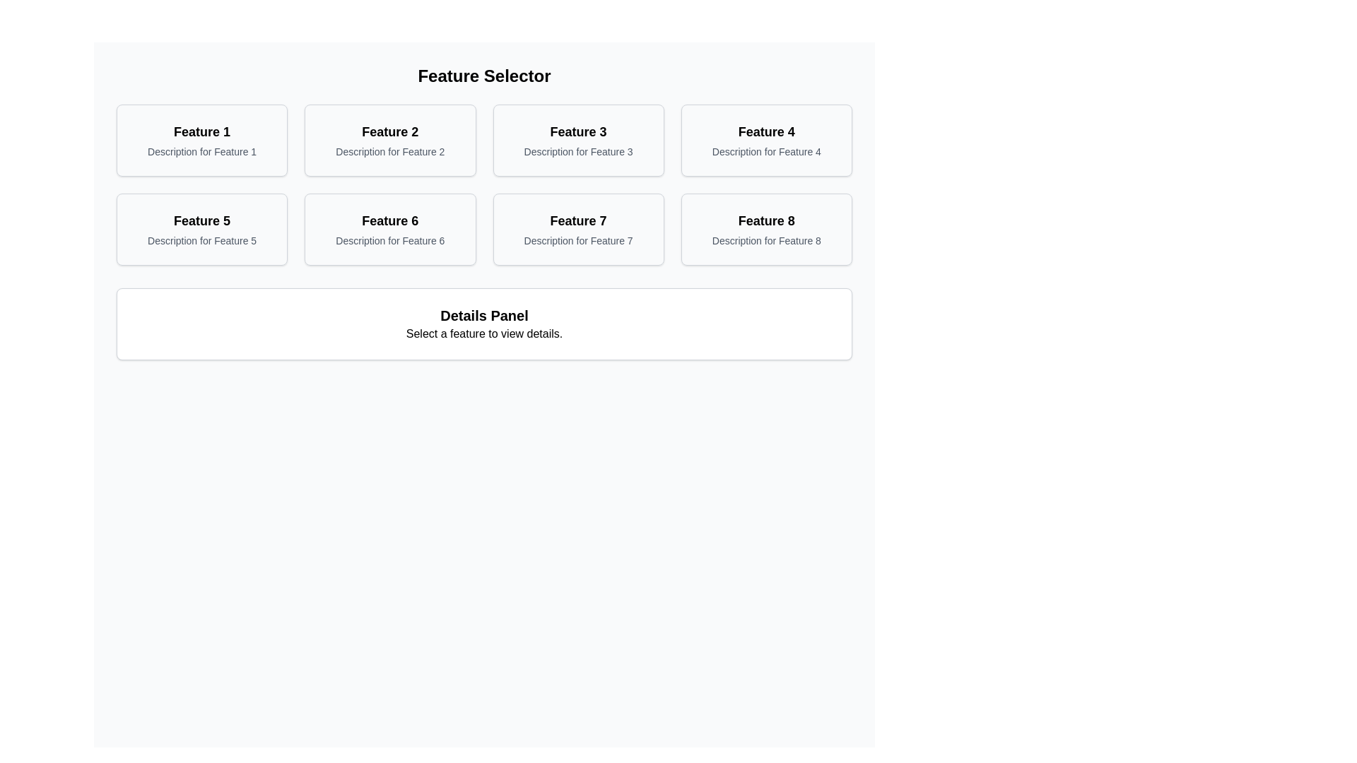 Image resolution: width=1357 pixels, height=763 pixels. What do you see at coordinates (578, 152) in the screenshot?
I see `the text label displaying 'Description for Feature 3' in a small gray font, which is positioned below the title 'Feature 3' within the rightmost card of the top row` at bounding box center [578, 152].